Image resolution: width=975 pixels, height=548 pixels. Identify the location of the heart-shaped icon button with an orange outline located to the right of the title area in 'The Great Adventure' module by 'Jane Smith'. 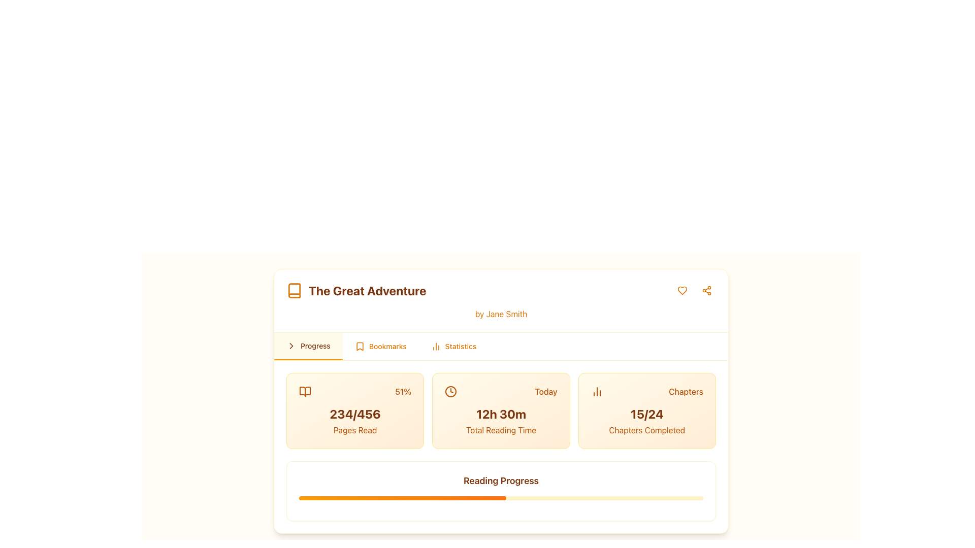
(682, 291).